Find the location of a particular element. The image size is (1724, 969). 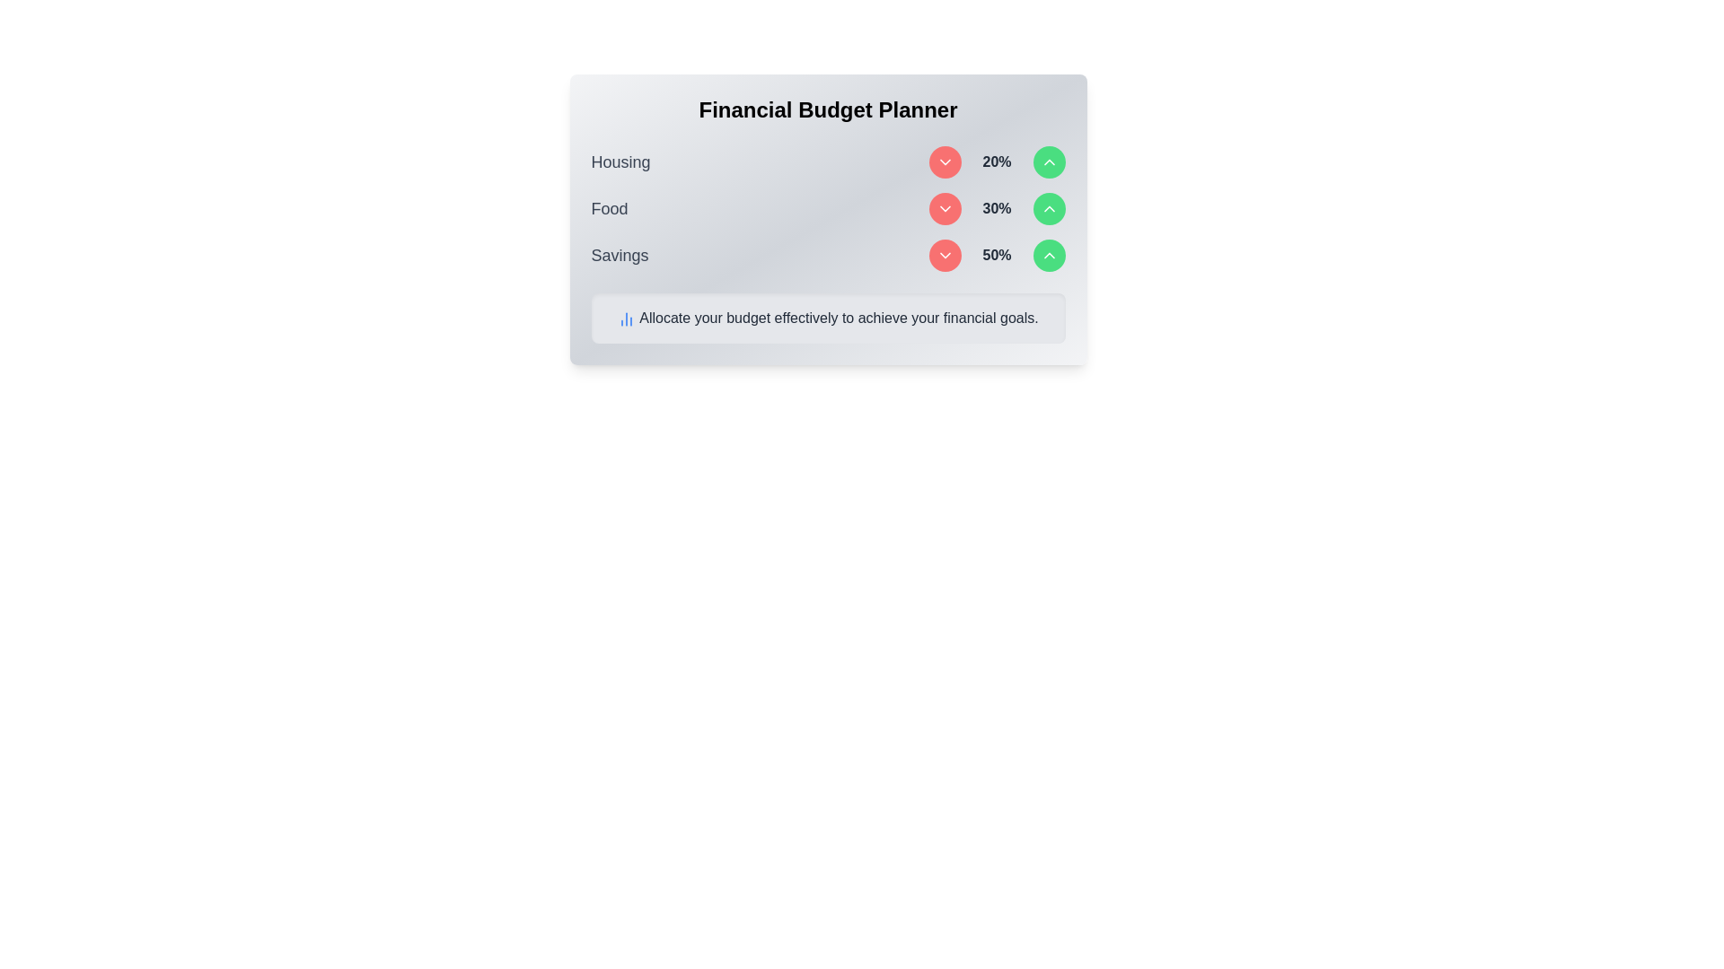

the static text displaying '20%' which is centrally located between a red circular button with a downward chevron icon and a green circular button with an upward chevron icon in the 'Housing' budget category is located at coordinates (996, 162).